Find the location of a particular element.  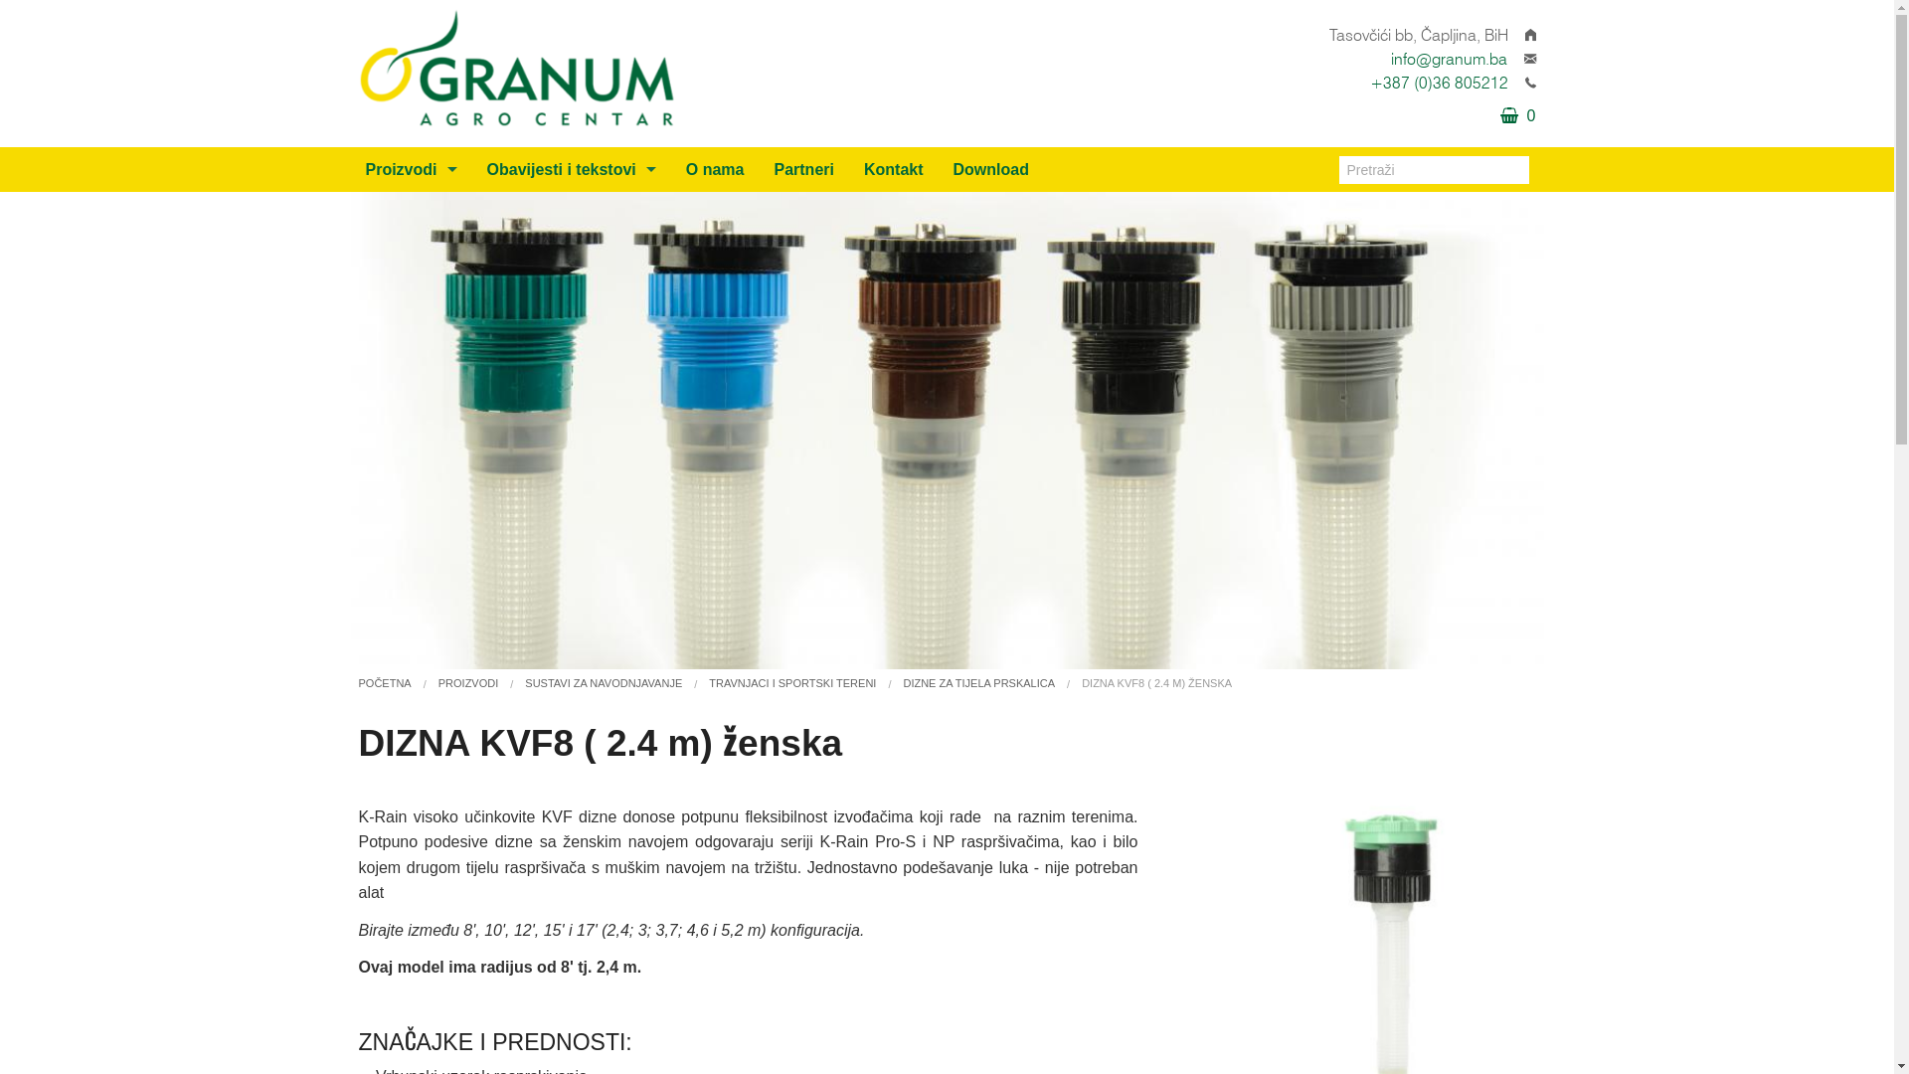

'Kontakt' is located at coordinates (892, 168).